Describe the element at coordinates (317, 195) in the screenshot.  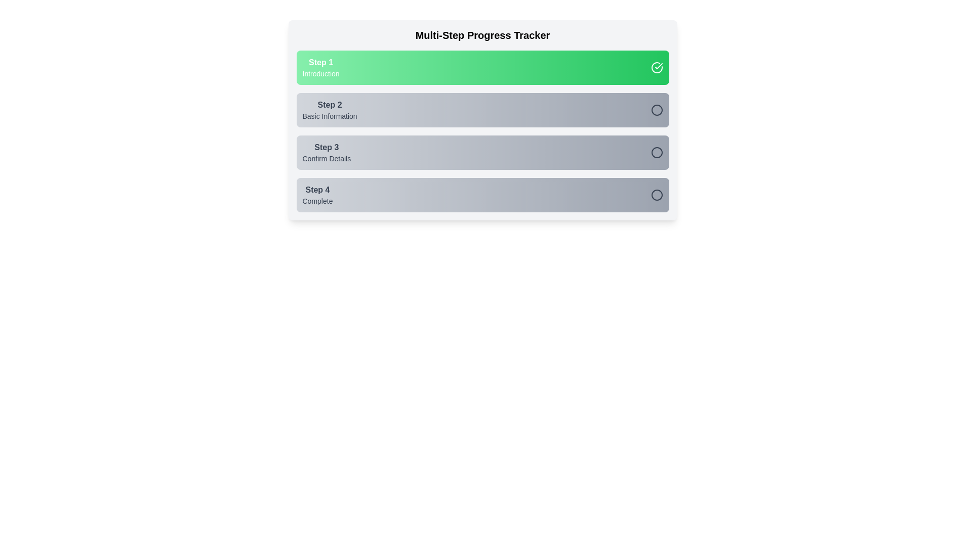
I see `the 'Step 4 Complete' label, which displays 'Step 4' in bold and 'Complete' in a smaller font on a gray gradient background` at that location.